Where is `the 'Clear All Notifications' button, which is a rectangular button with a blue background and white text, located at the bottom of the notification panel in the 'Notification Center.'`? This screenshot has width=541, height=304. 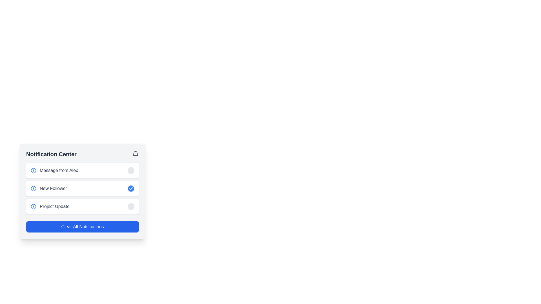 the 'Clear All Notifications' button, which is a rectangular button with a blue background and white text, located at the bottom of the notification panel in the 'Notification Center.' is located at coordinates (82, 227).